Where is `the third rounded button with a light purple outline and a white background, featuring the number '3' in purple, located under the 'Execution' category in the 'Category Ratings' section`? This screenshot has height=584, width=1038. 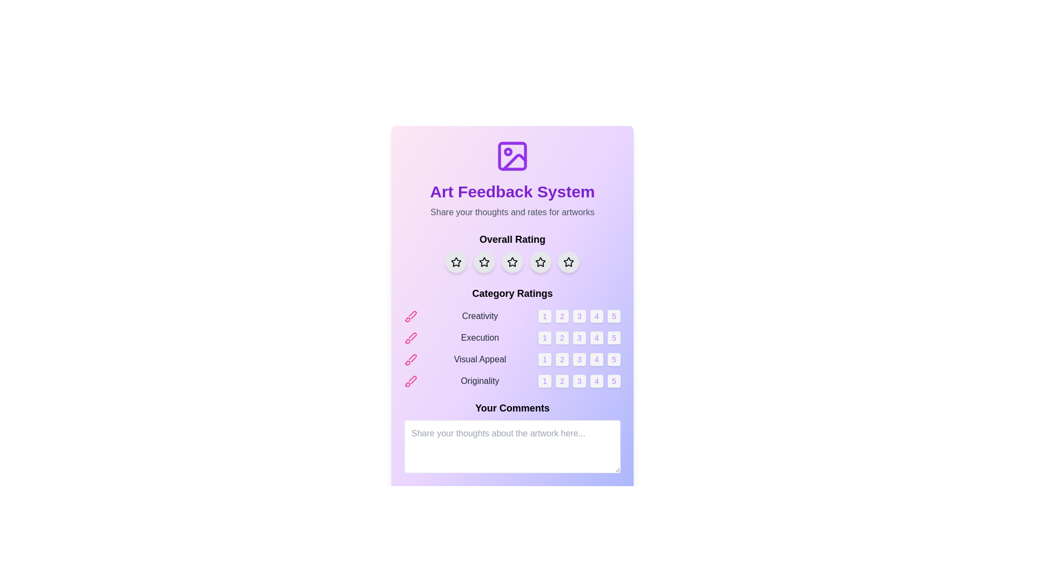 the third rounded button with a light purple outline and a white background, featuring the number '3' in purple, located under the 'Execution' category in the 'Category Ratings' section is located at coordinates (578, 337).